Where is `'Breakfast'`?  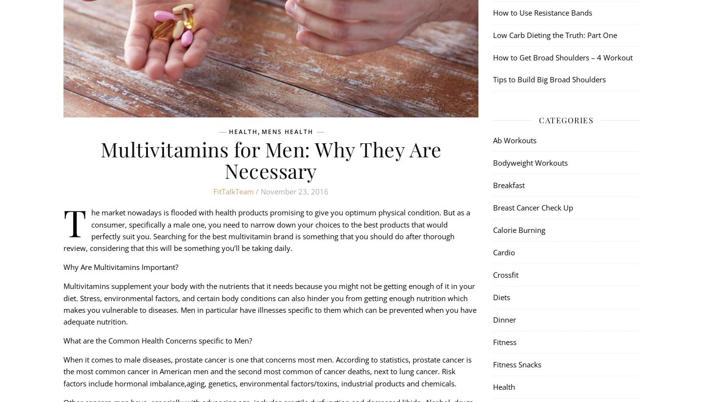
'Breakfast' is located at coordinates (509, 185).